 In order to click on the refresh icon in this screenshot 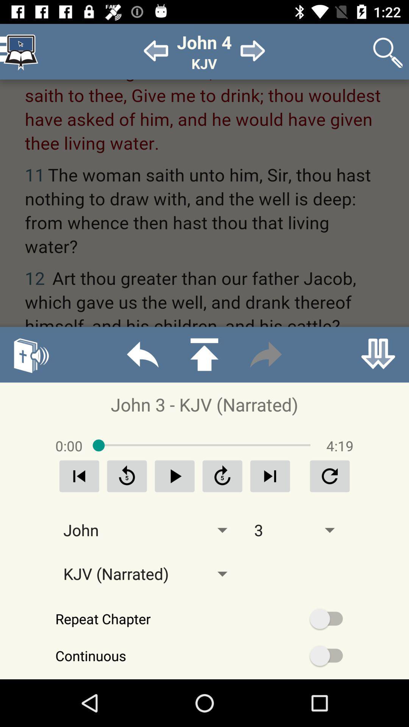, I will do `click(329, 476)`.